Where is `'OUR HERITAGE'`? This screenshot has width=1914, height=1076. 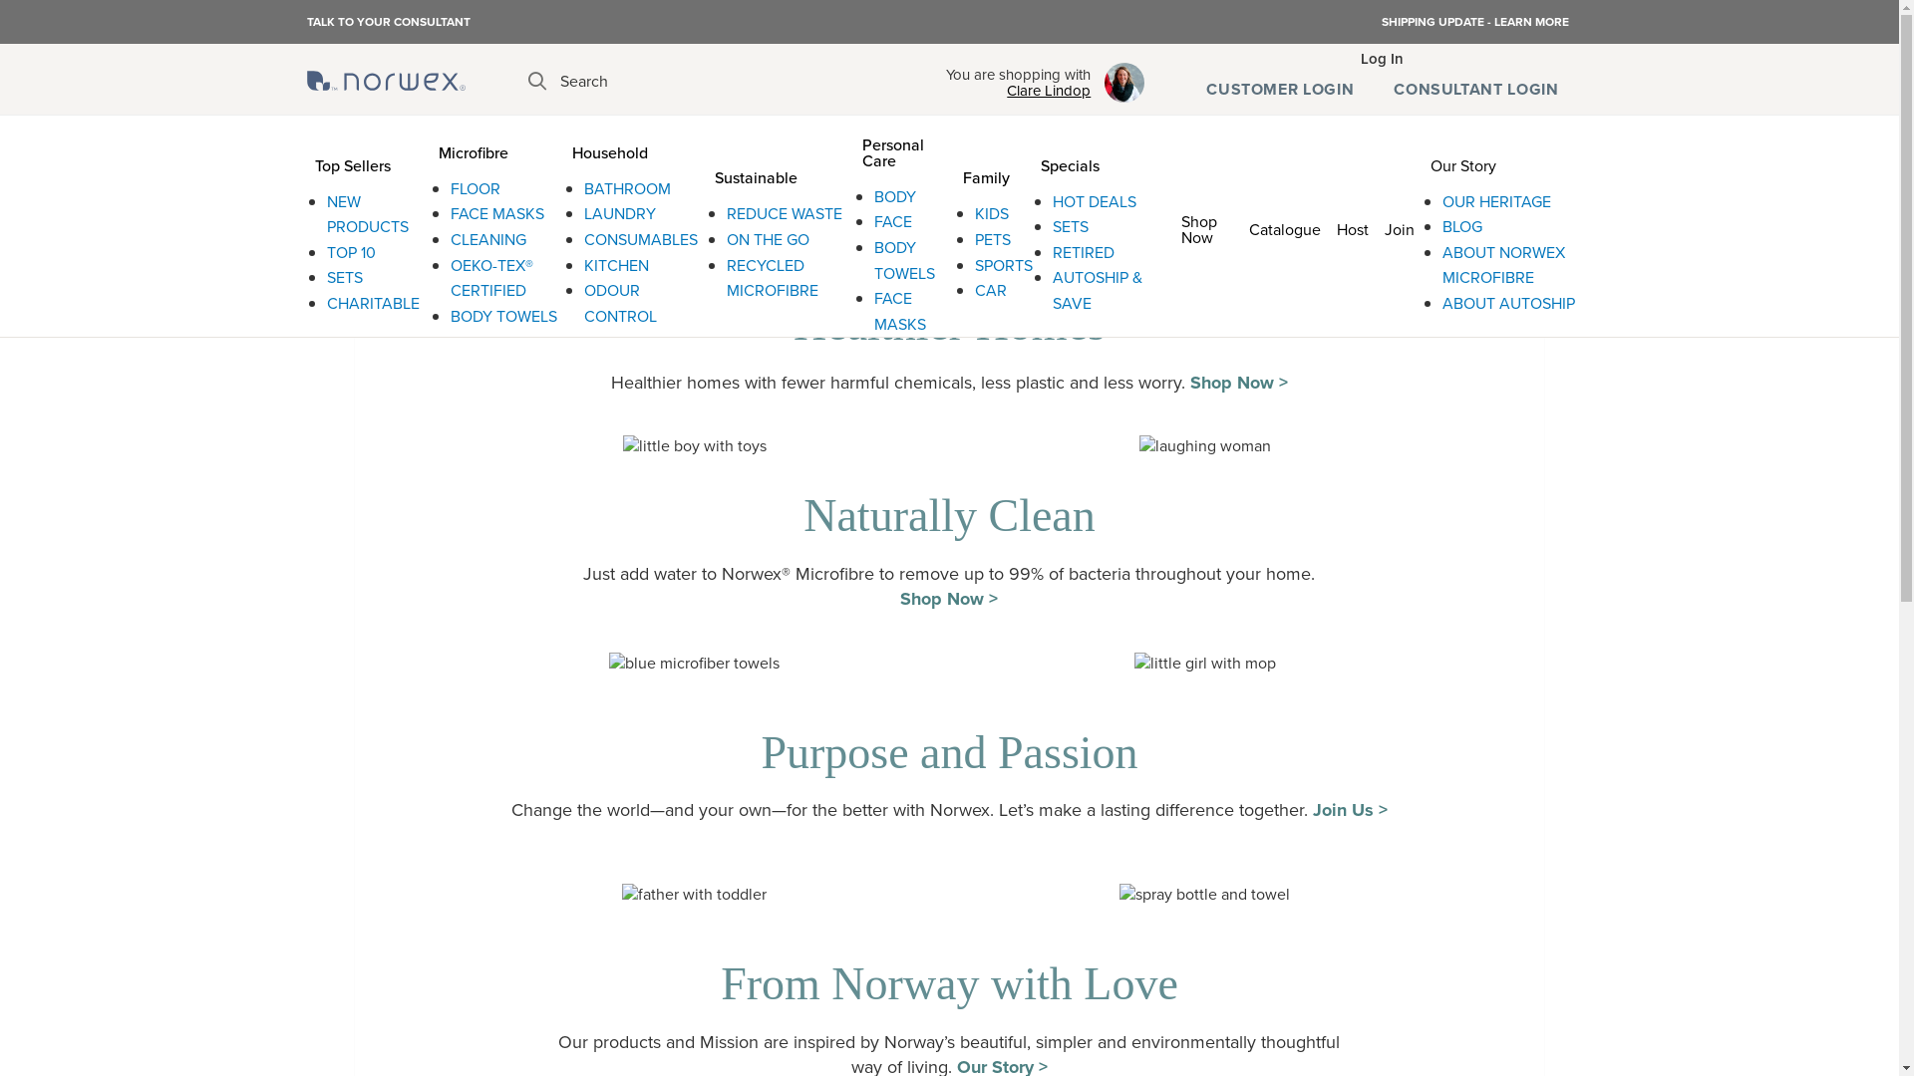
'OUR HERITAGE' is located at coordinates (1441, 201).